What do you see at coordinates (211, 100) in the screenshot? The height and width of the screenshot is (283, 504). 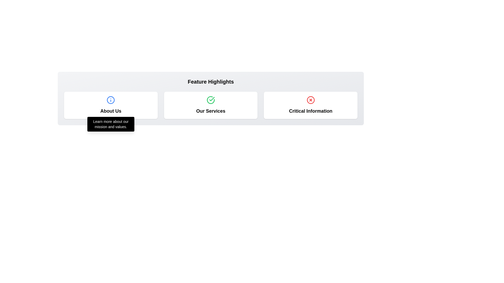 I see `the green tick mark icon inside the circular outline, indicating a positive or confirmed status, located in the 'Our Services' box` at bounding box center [211, 100].